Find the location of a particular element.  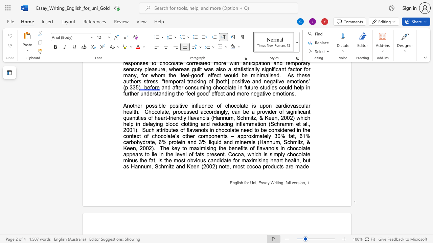

the 1th character "C" in the text is located at coordinates (230, 154).